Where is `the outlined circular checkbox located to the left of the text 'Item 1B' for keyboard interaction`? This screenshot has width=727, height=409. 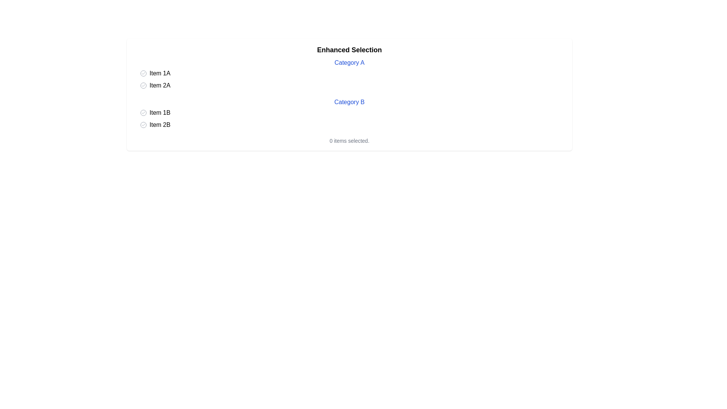
the outlined circular checkbox located to the left of the text 'Item 1B' for keyboard interaction is located at coordinates (144, 112).